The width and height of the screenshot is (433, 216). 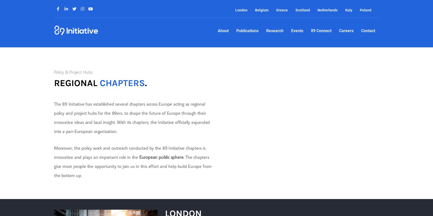 I want to click on 'Poland', so click(x=365, y=10).